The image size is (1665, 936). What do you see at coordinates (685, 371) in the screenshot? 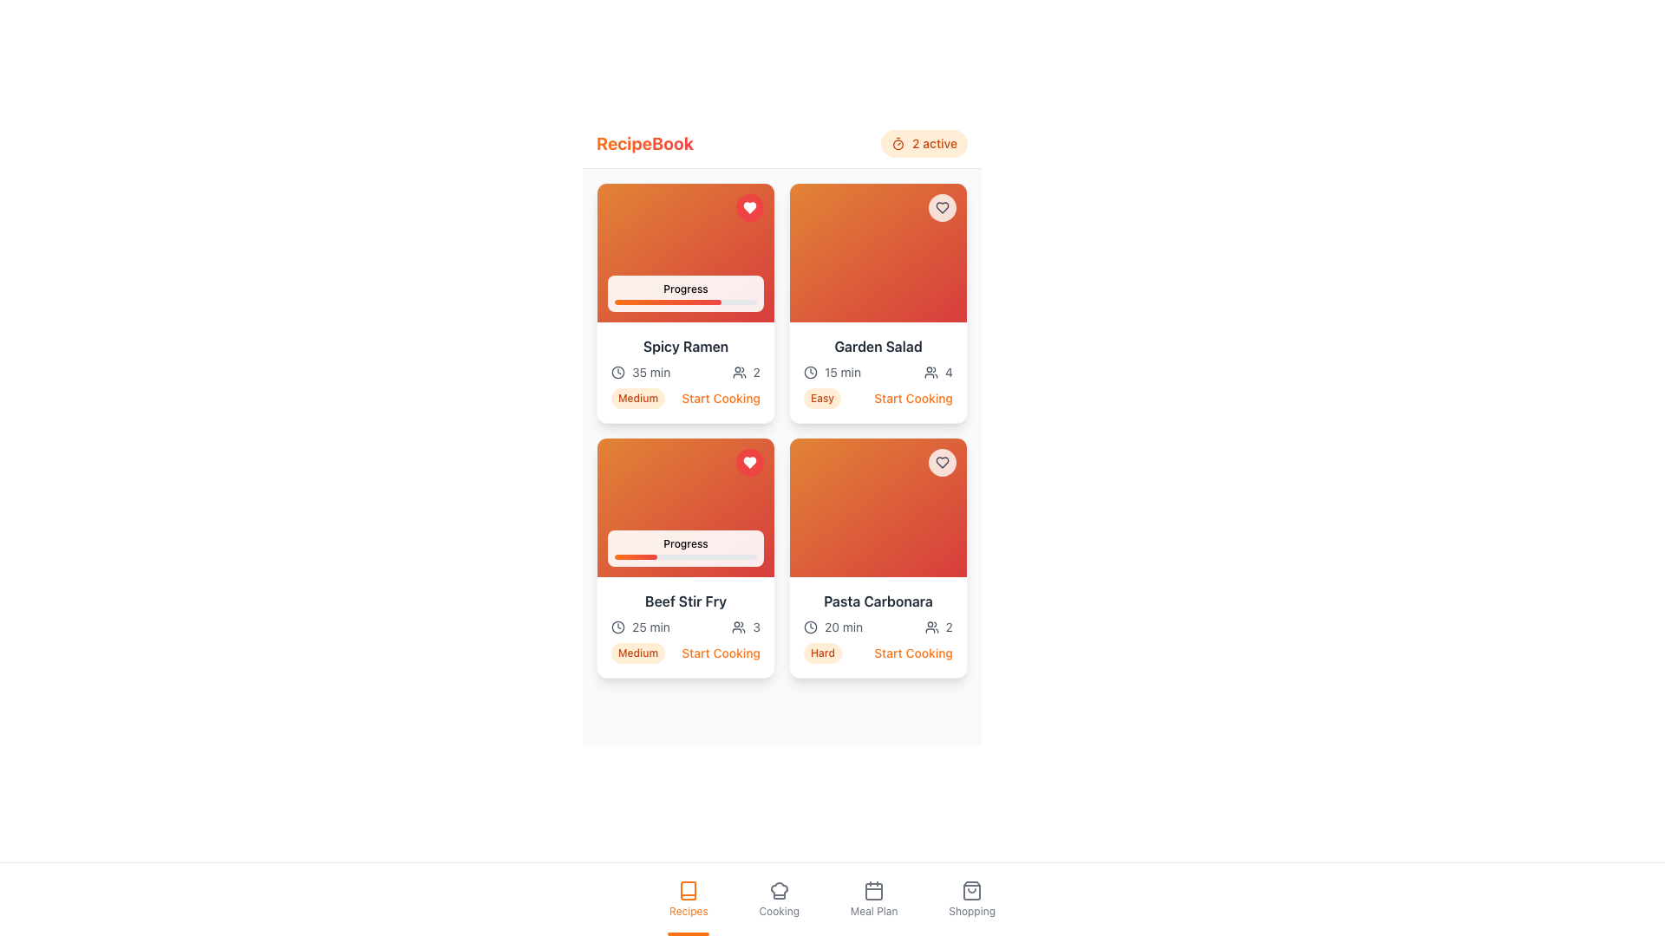
I see `estimated cooking time and serving count displayed in the Metadata section of the 'Spicy Ramen' recipe card, located under the title 'Spicy Ramen'` at bounding box center [685, 371].